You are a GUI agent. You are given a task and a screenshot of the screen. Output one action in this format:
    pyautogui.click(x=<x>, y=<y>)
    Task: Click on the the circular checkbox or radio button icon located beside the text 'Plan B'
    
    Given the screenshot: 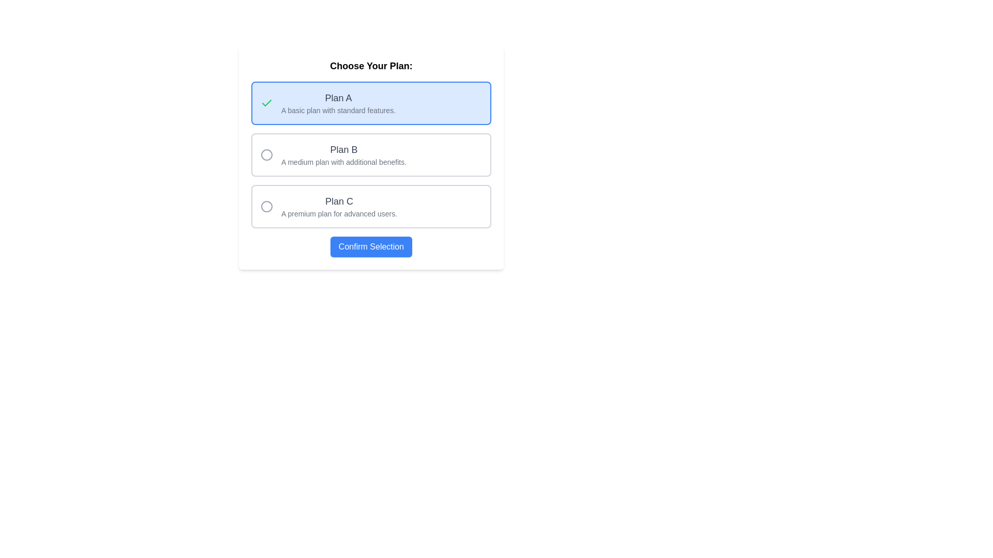 What is the action you would take?
    pyautogui.click(x=266, y=155)
    